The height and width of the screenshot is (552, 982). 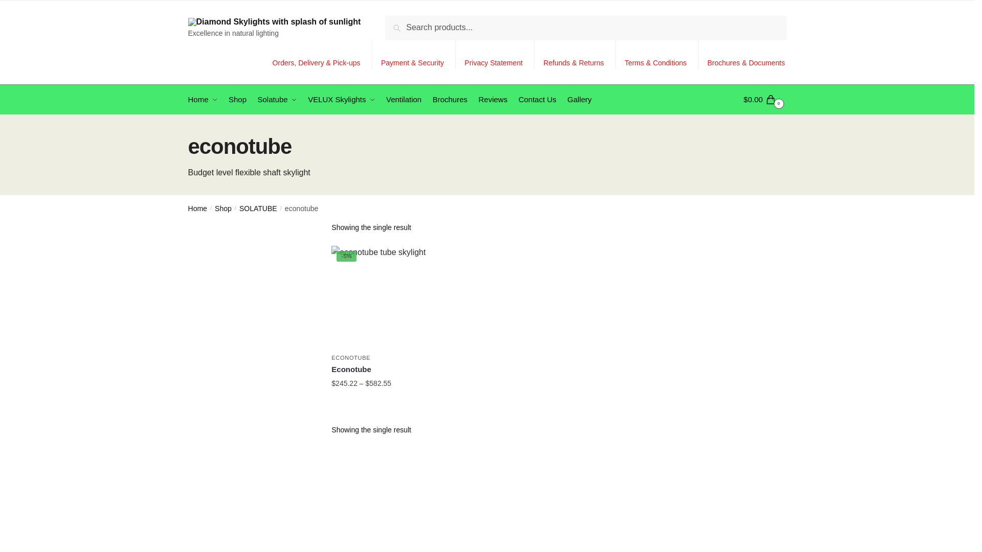 What do you see at coordinates (237, 100) in the screenshot?
I see `'Shop'` at bounding box center [237, 100].